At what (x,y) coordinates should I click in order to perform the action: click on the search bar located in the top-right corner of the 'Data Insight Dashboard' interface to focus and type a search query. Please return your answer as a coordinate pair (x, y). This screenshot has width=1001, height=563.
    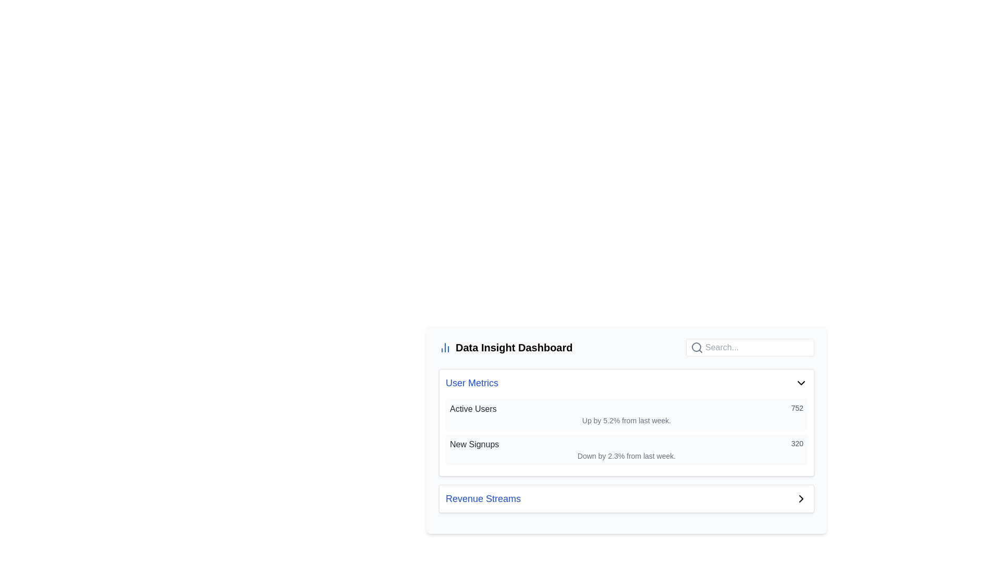
    Looking at the image, I should click on (750, 348).